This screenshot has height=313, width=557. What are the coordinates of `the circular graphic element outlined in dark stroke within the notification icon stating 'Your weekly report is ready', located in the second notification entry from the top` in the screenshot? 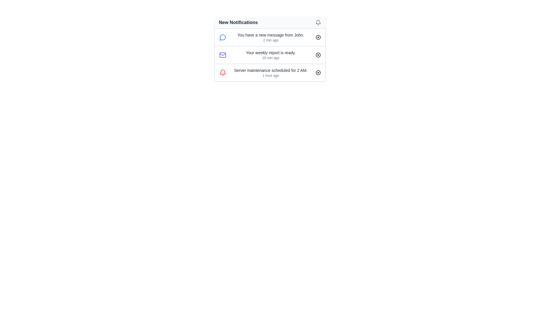 It's located at (318, 55).